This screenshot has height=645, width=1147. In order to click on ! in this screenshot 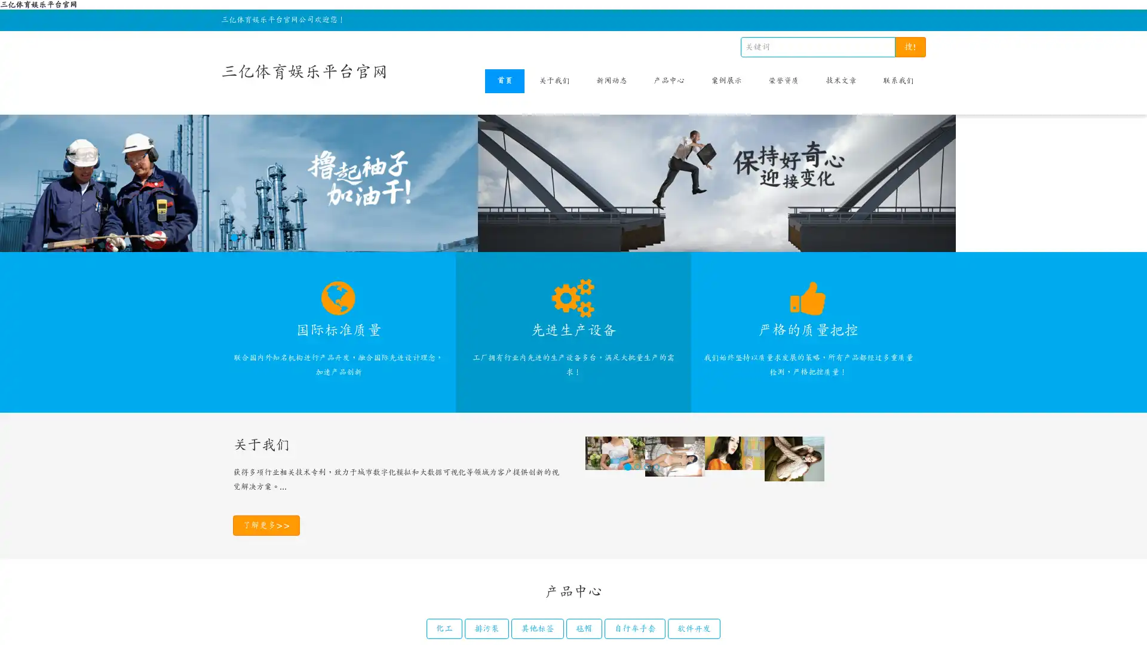, I will do `click(910, 46)`.